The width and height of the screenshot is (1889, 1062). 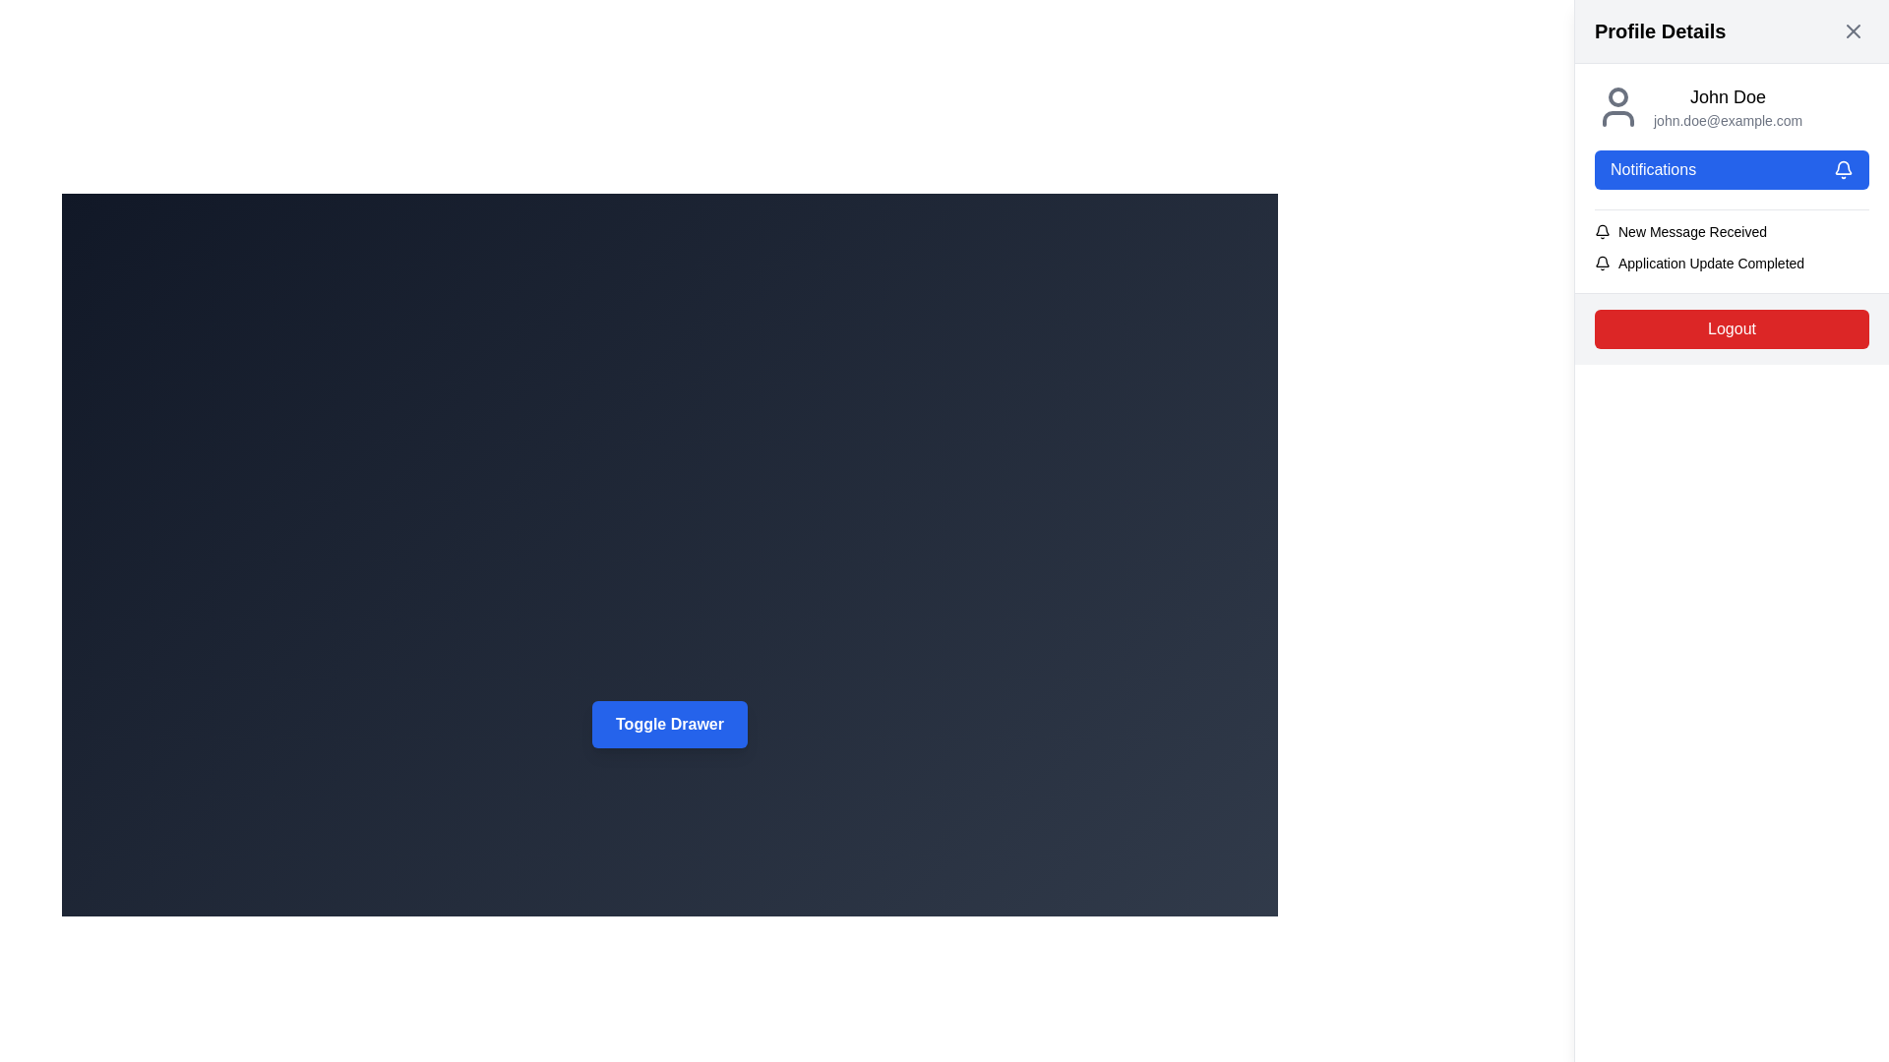 What do you see at coordinates (1732, 262) in the screenshot?
I see `text of the Notification item labeled 'Application Update Completed', which is the second element in the Notifications section` at bounding box center [1732, 262].